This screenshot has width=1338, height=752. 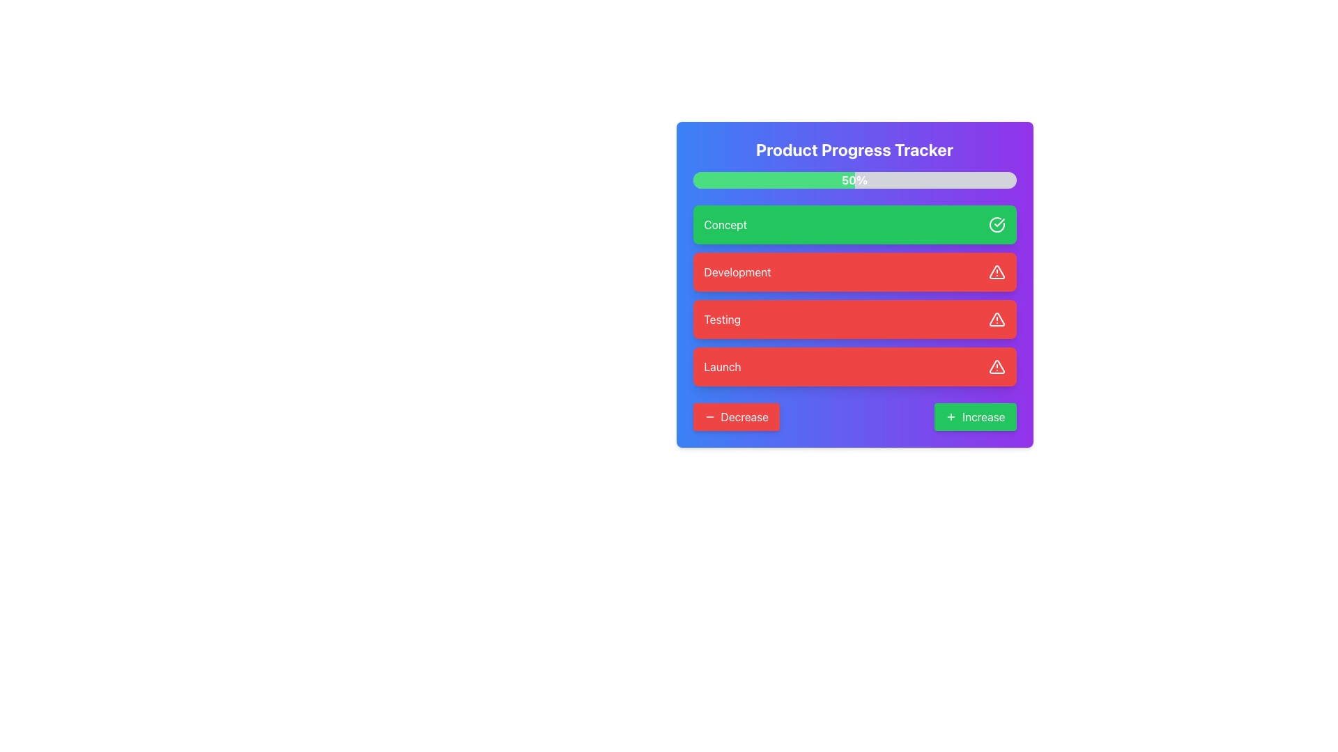 What do you see at coordinates (854, 320) in the screenshot?
I see `the 'Testing' stage block in the progress tracker, which is the third block from the top, following 'Development' and preceding 'Launch'` at bounding box center [854, 320].